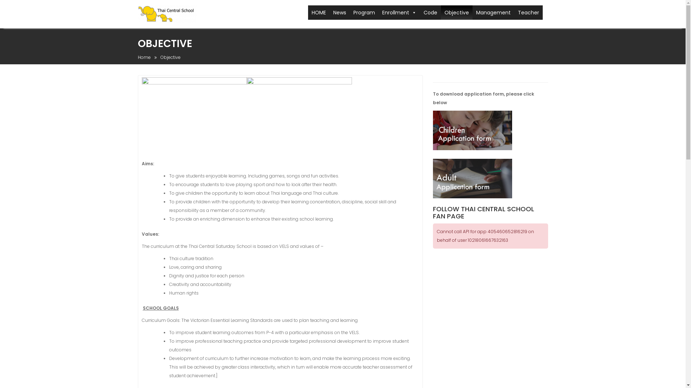 This screenshot has width=691, height=388. What do you see at coordinates (430, 12) in the screenshot?
I see `'Code'` at bounding box center [430, 12].